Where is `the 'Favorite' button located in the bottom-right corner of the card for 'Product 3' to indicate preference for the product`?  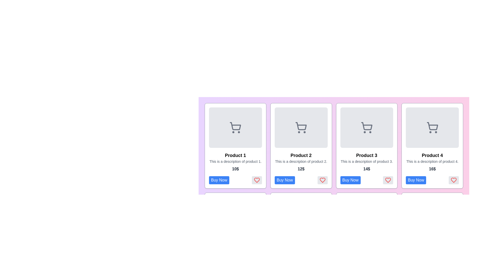 the 'Favorite' button located in the bottom-right corner of the card for 'Product 3' to indicate preference for the product is located at coordinates (388, 180).